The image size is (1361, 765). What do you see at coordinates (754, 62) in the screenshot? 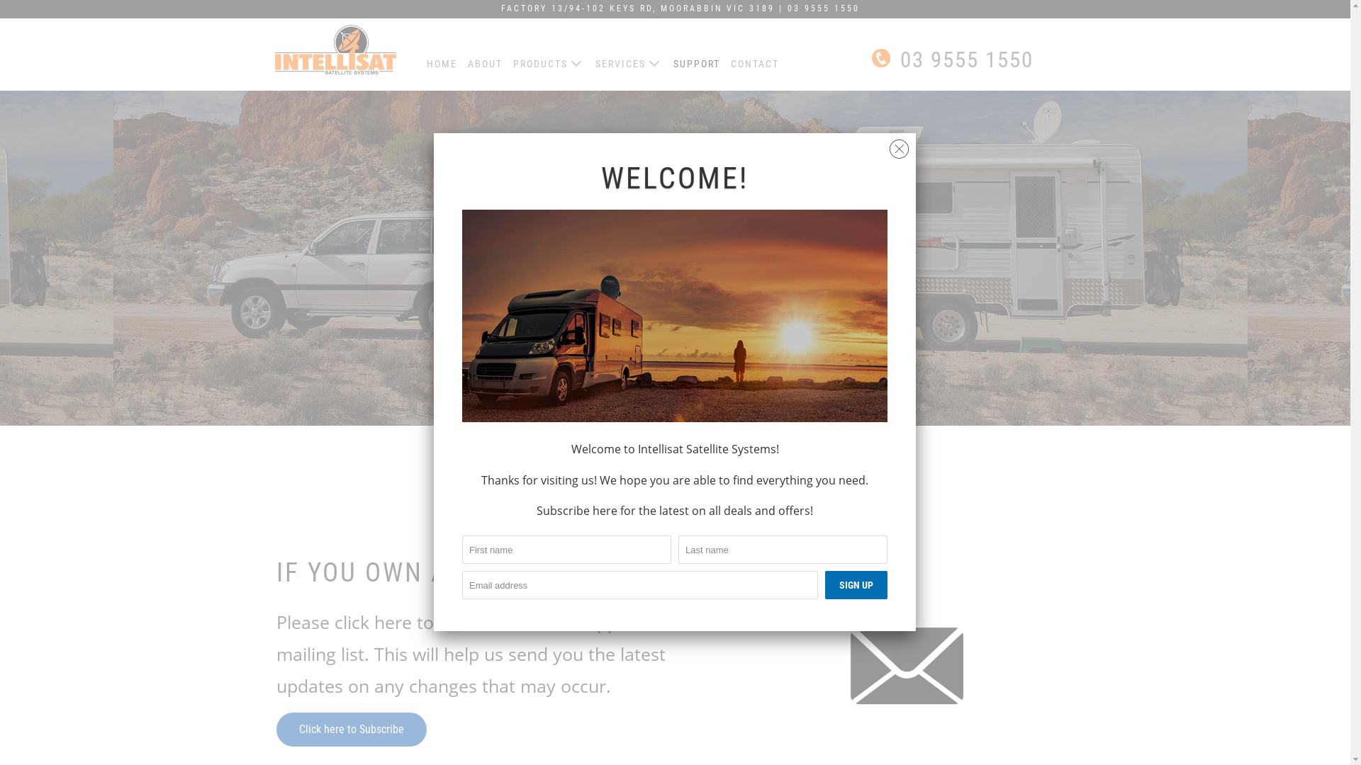
I see `'CONTACT'` at bounding box center [754, 62].